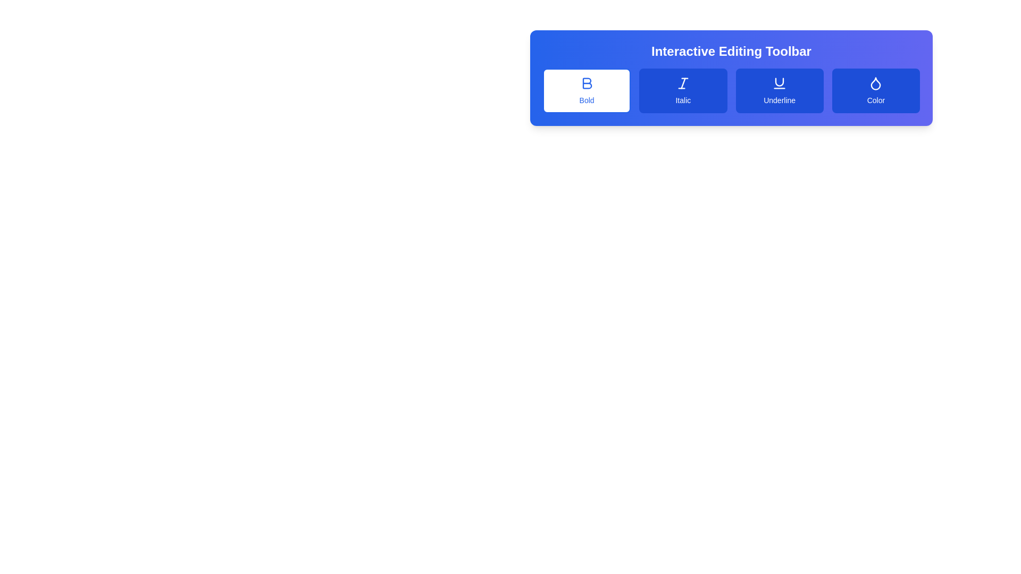  I want to click on the italic 'I' button with a blue background and white foreground in the toolbar, so click(683, 83).